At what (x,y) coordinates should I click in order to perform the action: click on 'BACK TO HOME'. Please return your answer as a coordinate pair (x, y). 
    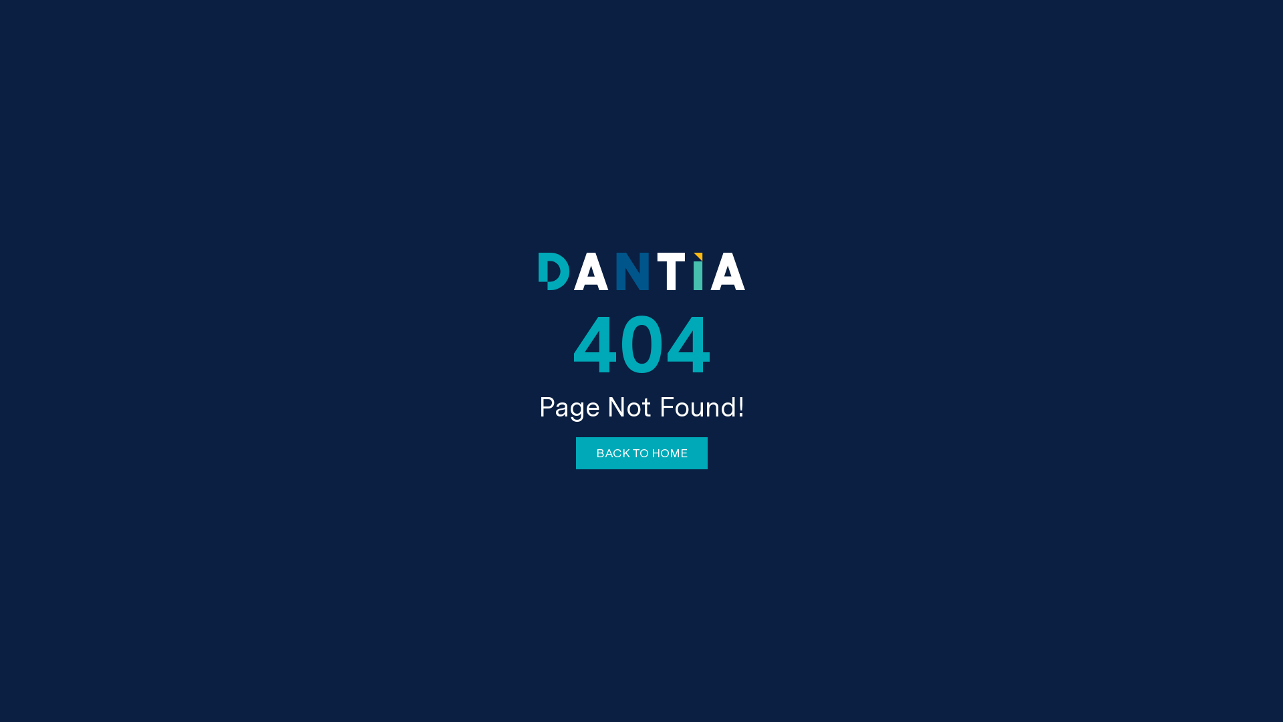
    Looking at the image, I should click on (641, 453).